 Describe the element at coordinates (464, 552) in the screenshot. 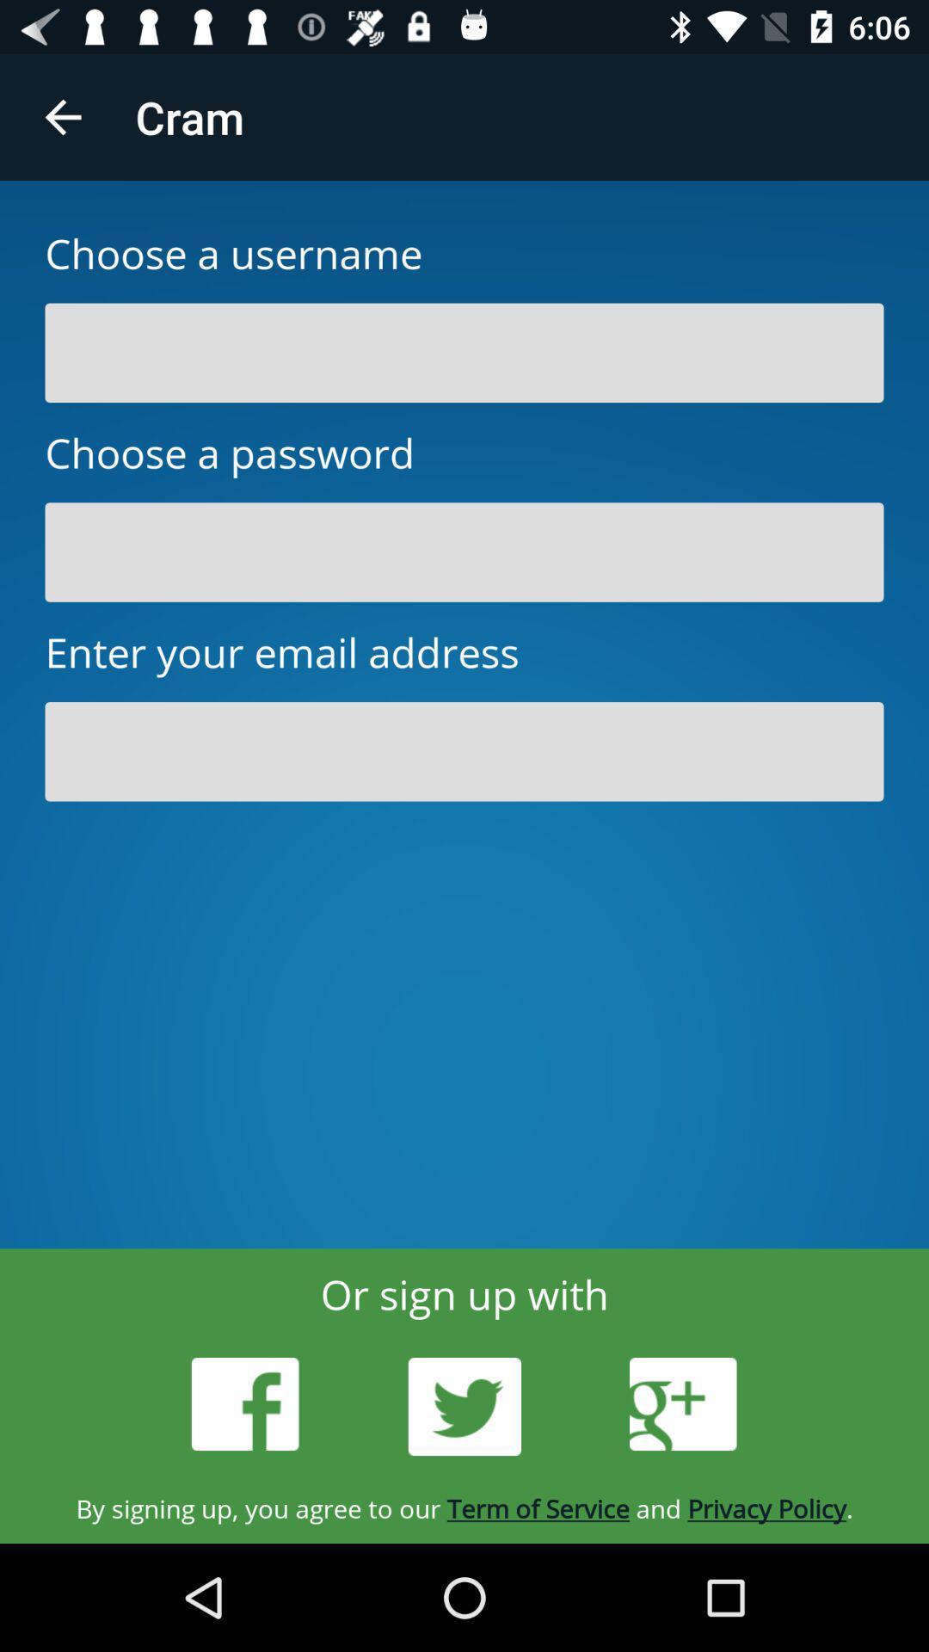

I see `password` at that location.